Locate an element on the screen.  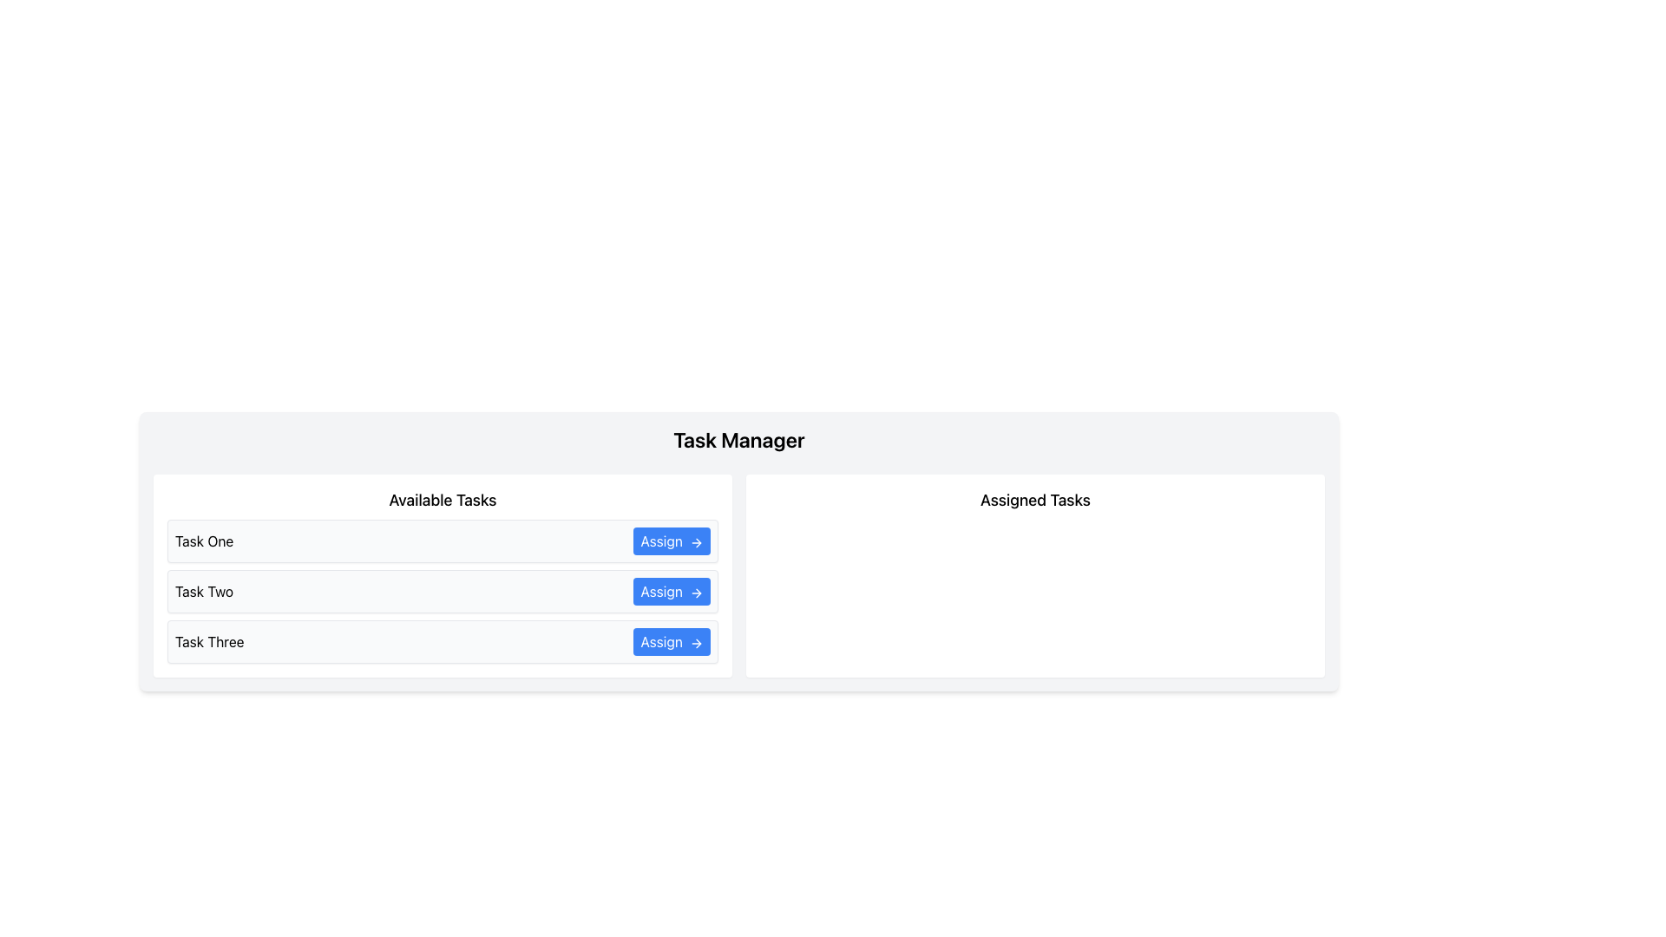
the arrow icon located at the far-right end of the 'Assign' button in the third row of task items under 'Available Tasks' is located at coordinates (696, 642).